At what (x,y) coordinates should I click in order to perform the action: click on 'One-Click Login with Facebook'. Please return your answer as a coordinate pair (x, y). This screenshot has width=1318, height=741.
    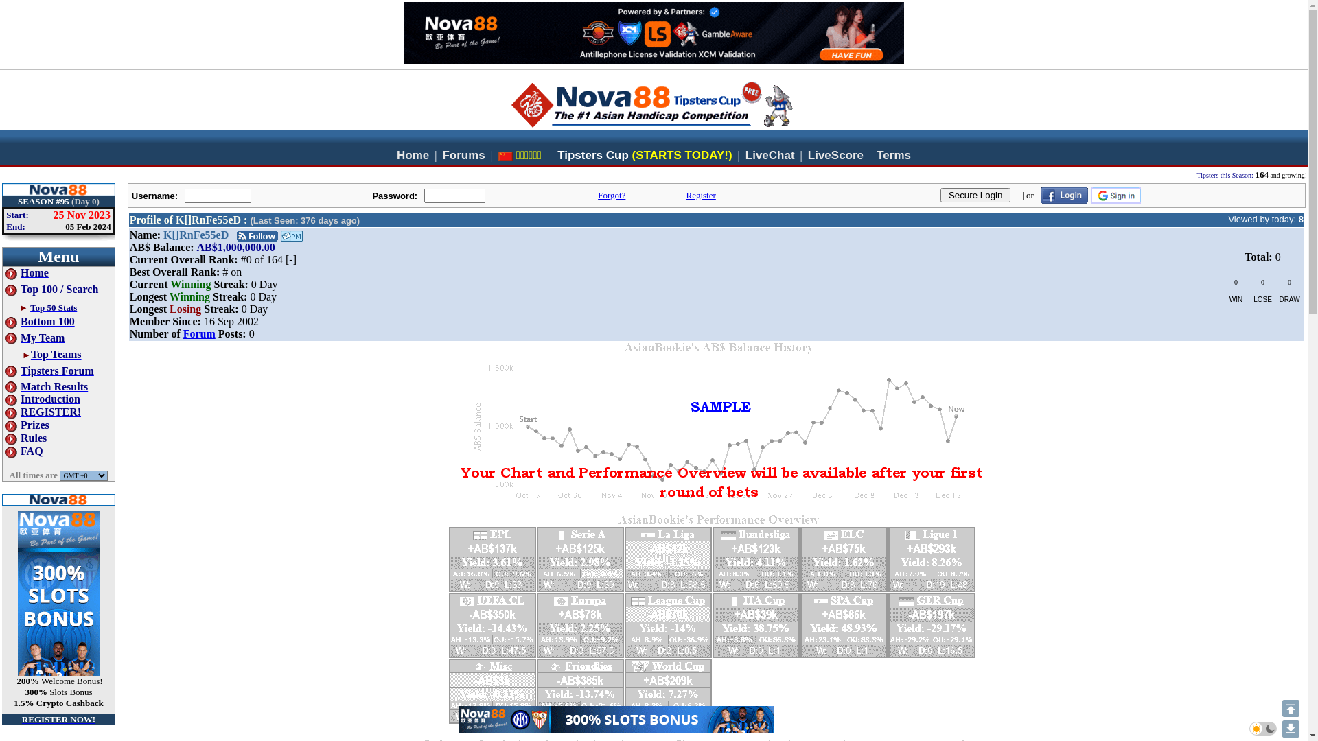
    Looking at the image, I should click on (1041, 196).